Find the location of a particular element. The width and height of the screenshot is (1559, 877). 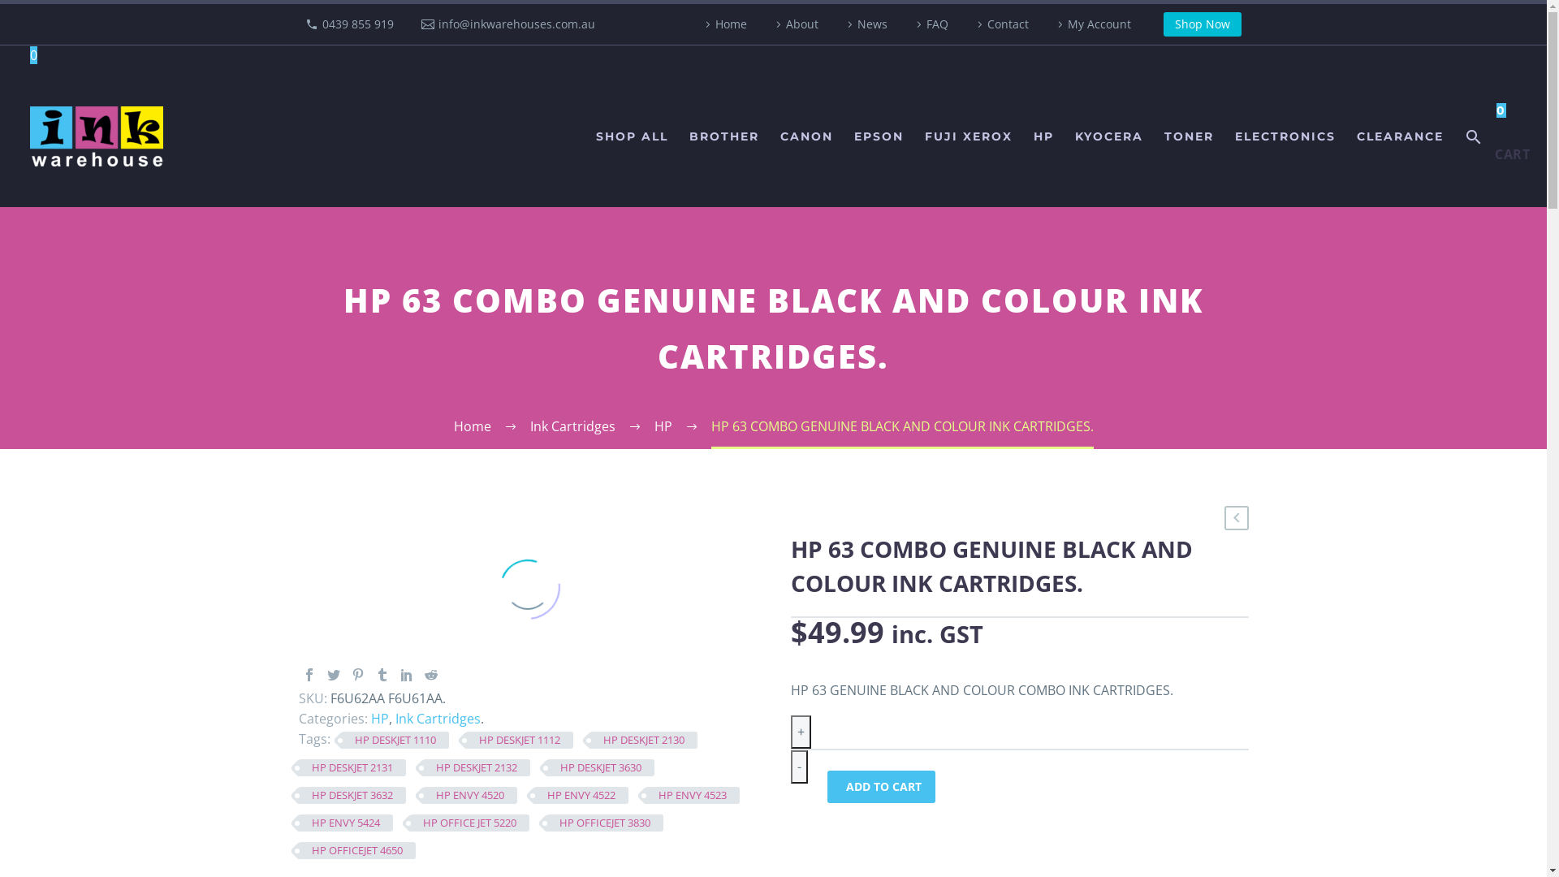

'HP ENVY 5424' is located at coordinates (345, 823).